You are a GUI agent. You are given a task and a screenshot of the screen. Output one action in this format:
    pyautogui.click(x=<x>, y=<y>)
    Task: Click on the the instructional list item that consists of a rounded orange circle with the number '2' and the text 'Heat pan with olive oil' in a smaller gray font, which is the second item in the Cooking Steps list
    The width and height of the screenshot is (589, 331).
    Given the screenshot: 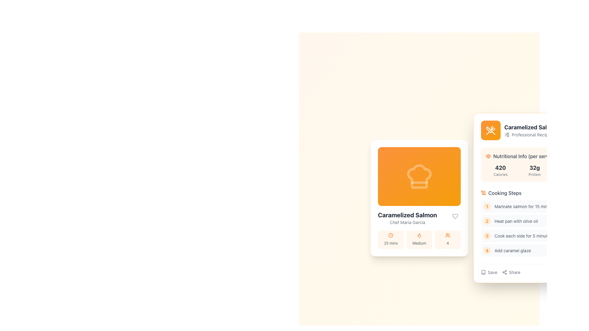 What is the action you would take?
    pyautogui.click(x=534, y=221)
    